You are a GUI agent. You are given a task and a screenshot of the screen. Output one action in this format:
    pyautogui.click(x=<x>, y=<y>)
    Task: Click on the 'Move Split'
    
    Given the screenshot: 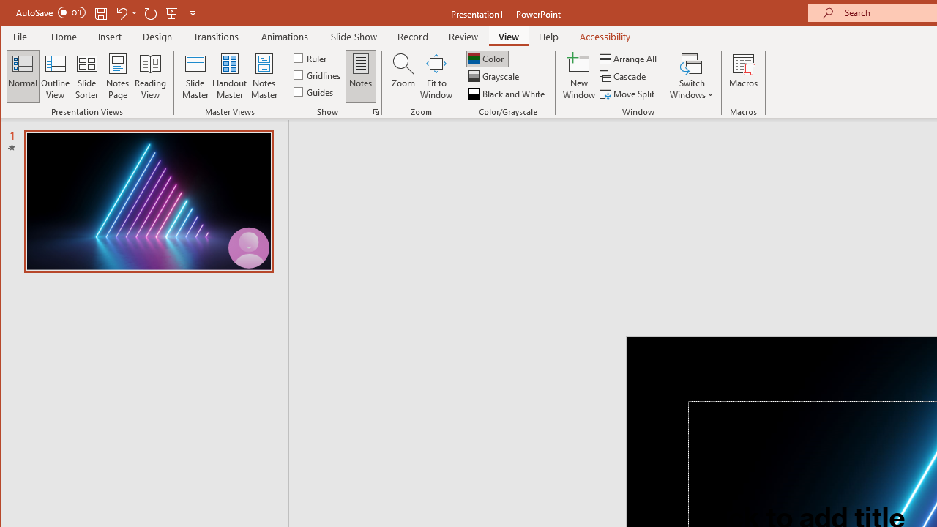 What is the action you would take?
    pyautogui.click(x=628, y=94)
    